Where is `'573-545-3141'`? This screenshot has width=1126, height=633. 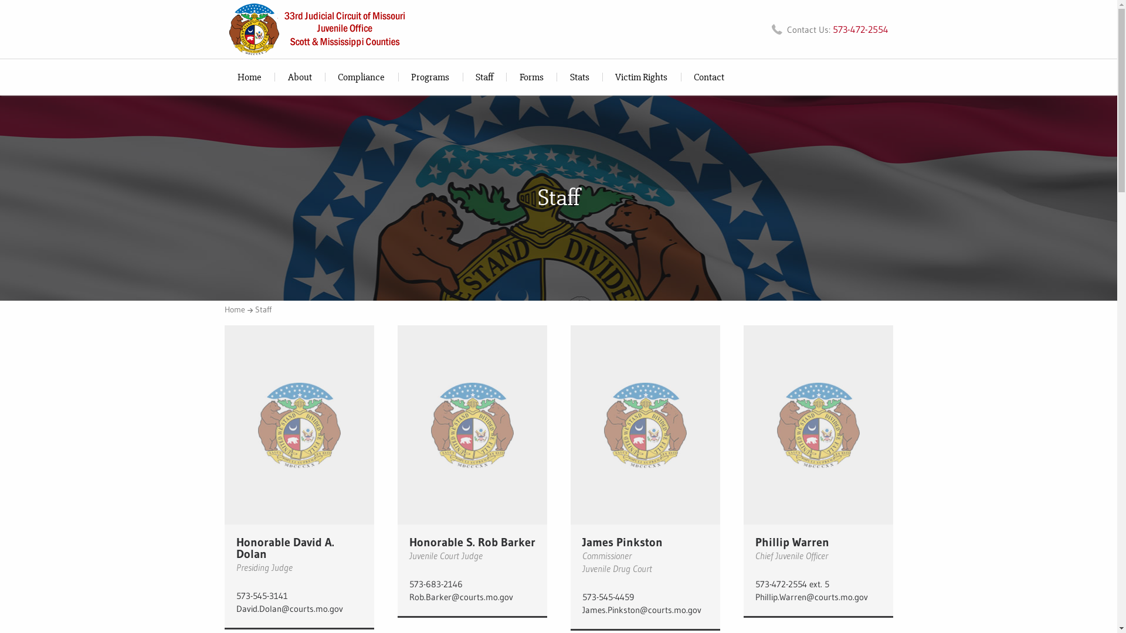 '573-545-3141' is located at coordinates (299, 596).